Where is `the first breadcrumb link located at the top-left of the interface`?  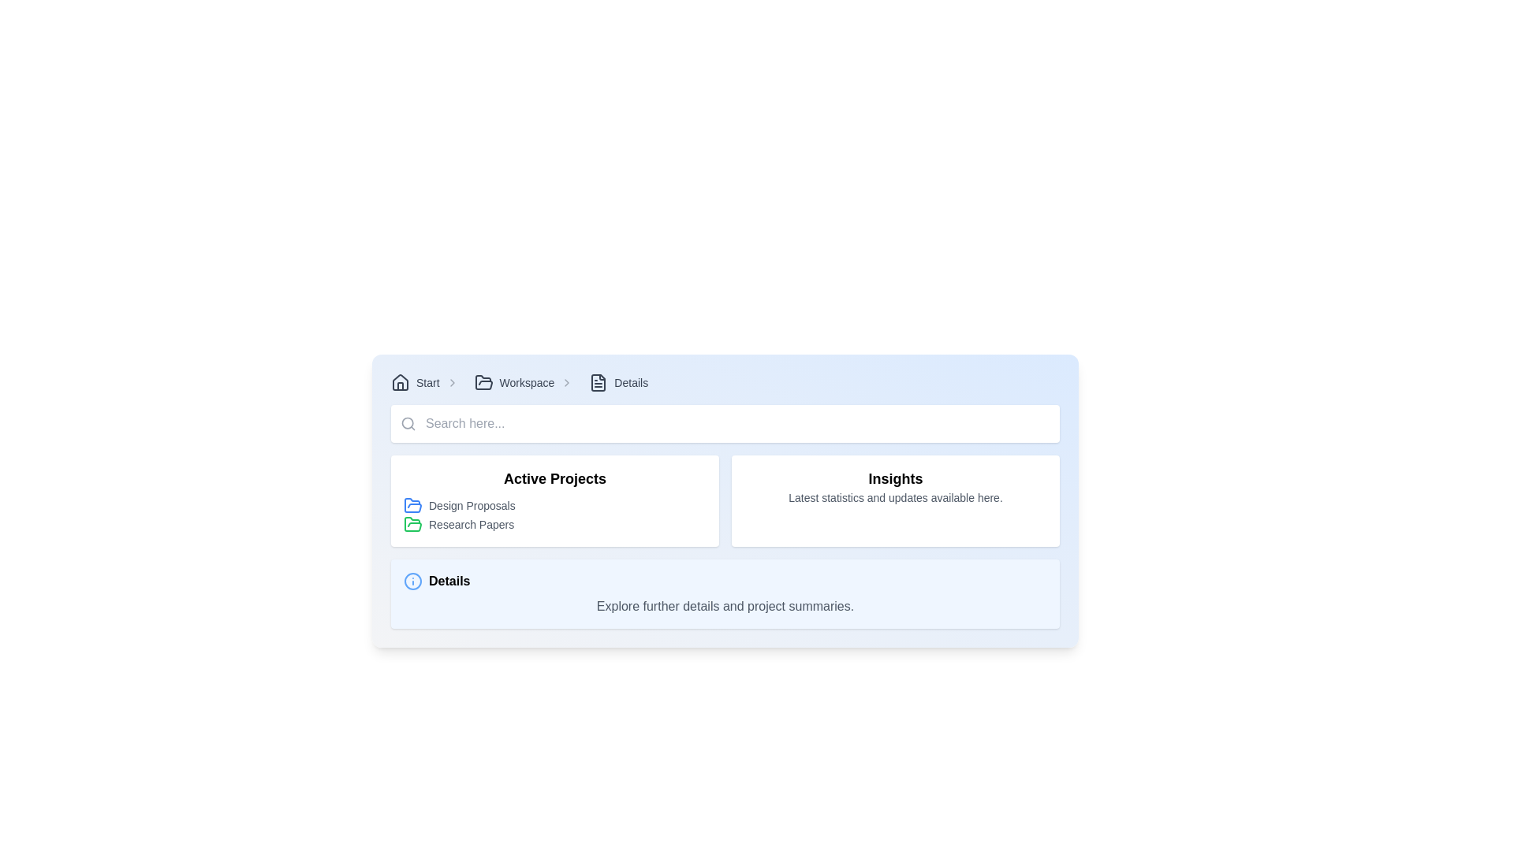
the first breadcrumb link located at the top-left of the interface is located at coordinates (427, 383).